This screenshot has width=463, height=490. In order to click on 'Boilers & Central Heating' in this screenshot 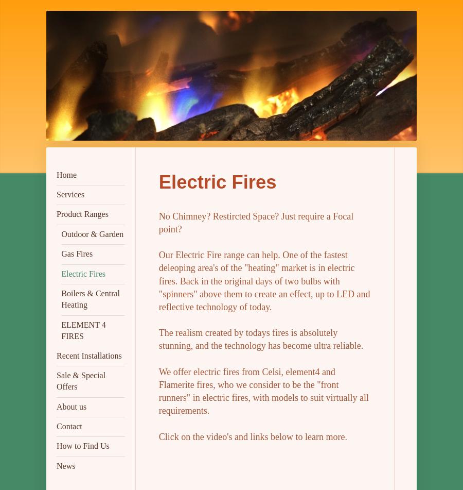, I will do `click(91, 298)`.